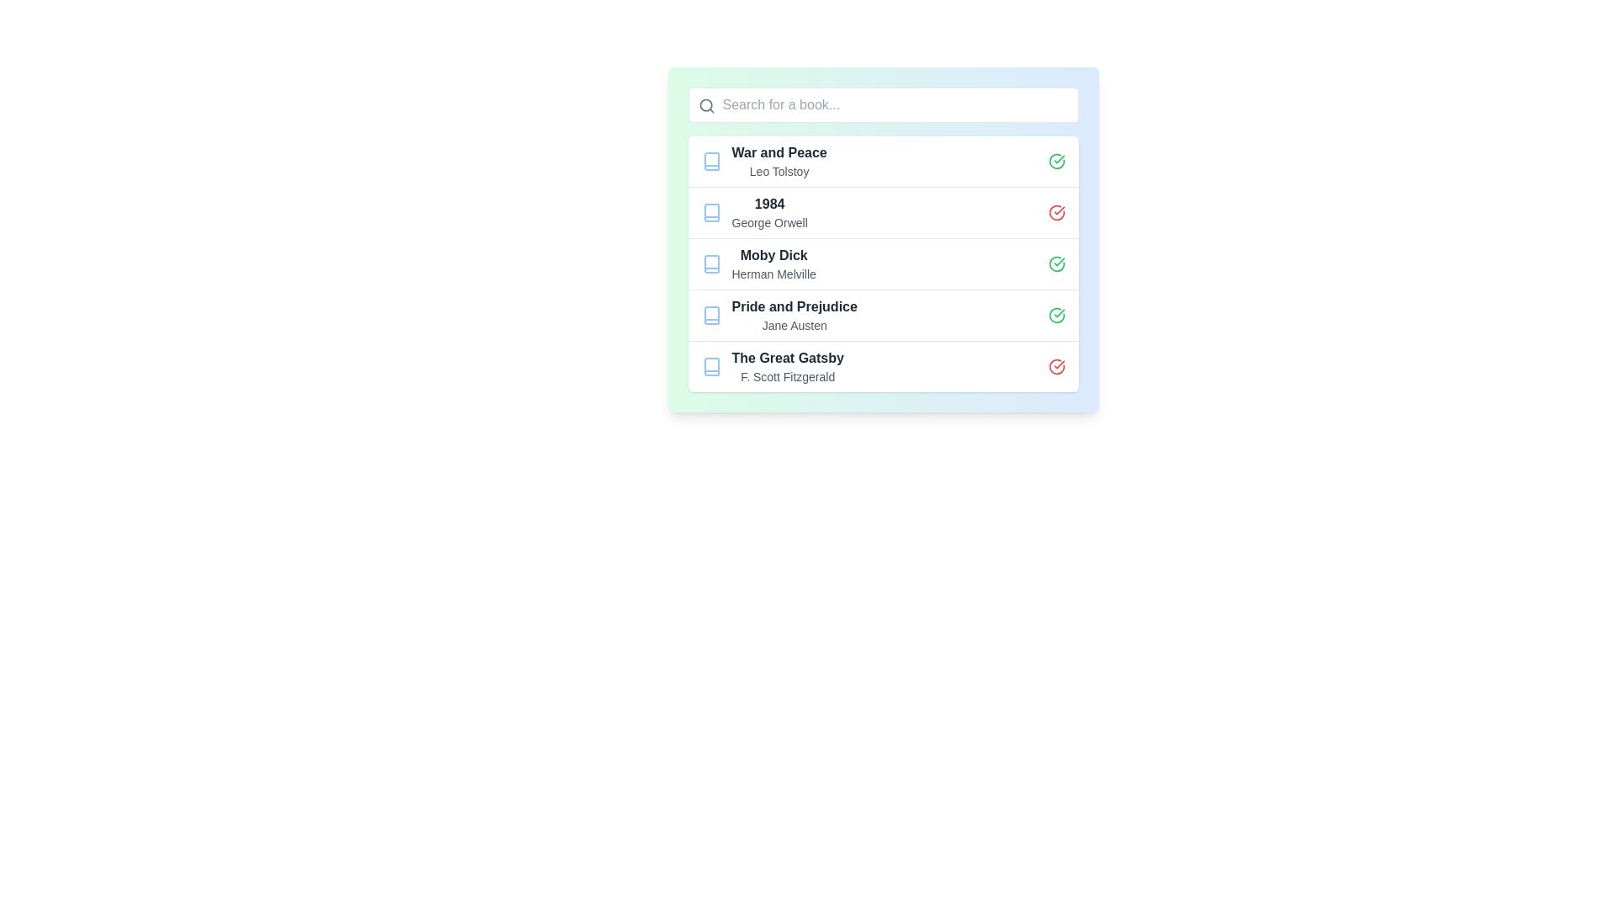  Describe the element at coordinates (1055, 162) in the screenshot. I see `the green circular status icon that is adjacent to the text 'War and Peace' at the top of the vertical list` at that location.